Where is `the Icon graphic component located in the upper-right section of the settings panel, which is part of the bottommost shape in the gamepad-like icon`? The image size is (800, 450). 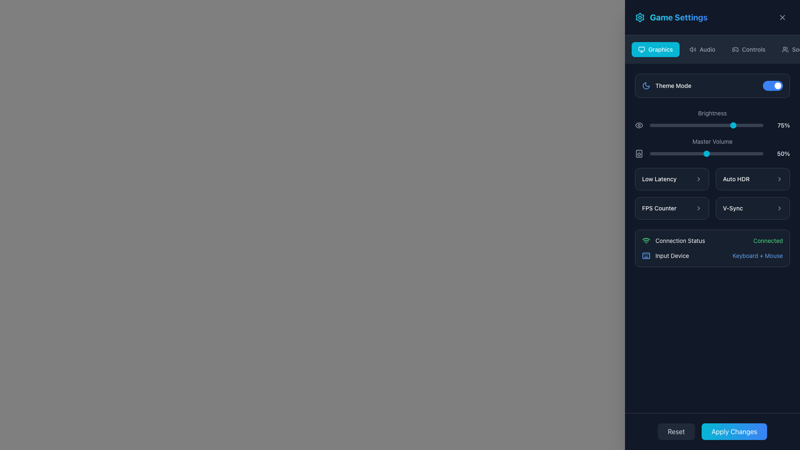 the Icon graphic component located in the upper-right section of the settings panel, which is part of the bottommost shape in the gamepad-like icon is located at coordinates (735, 50).